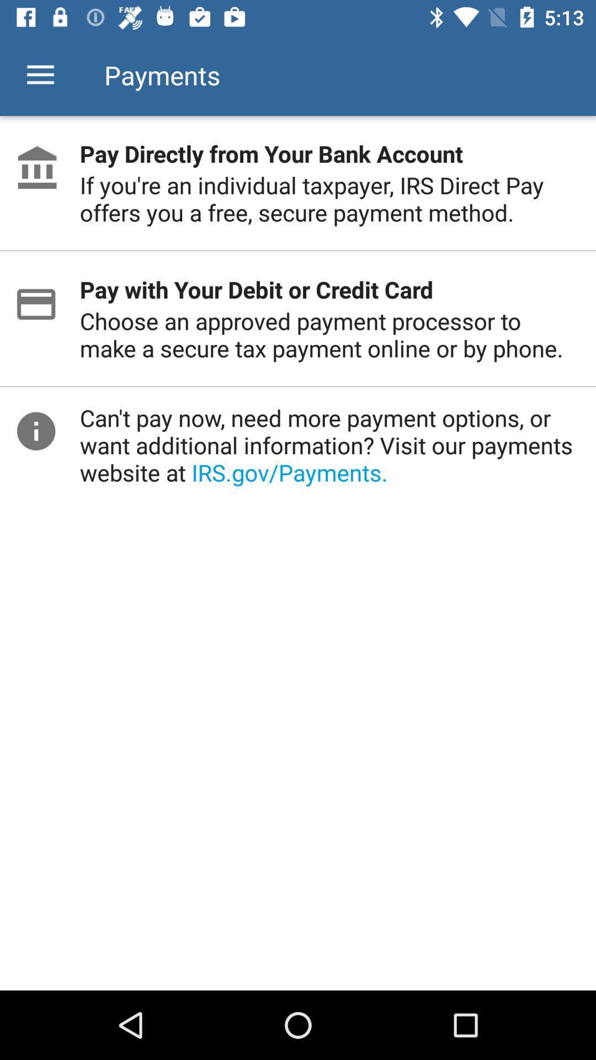  What do you see at coordinates (40, 75) in the screenshot?
I see `item to the left of the payments item` at bounding box center [40, 75].